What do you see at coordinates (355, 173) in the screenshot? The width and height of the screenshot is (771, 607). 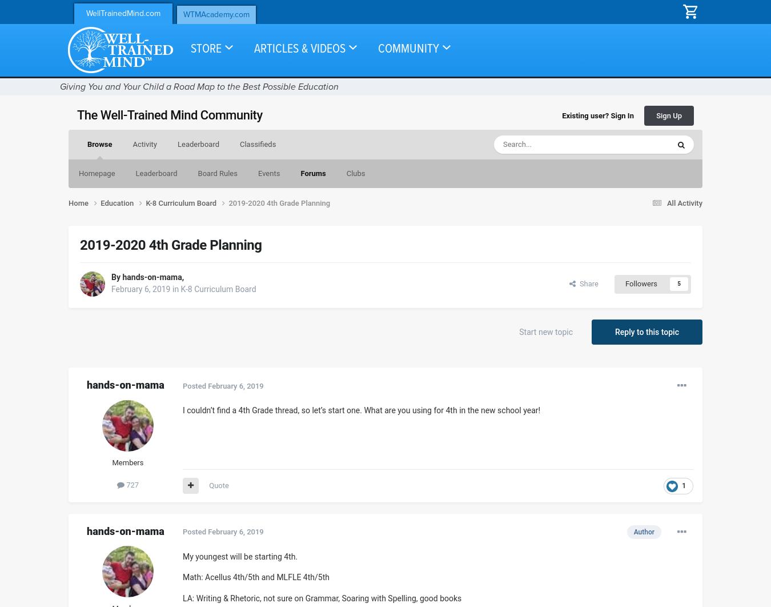 I see `'Clubs'` at bounding box center [355, 173].